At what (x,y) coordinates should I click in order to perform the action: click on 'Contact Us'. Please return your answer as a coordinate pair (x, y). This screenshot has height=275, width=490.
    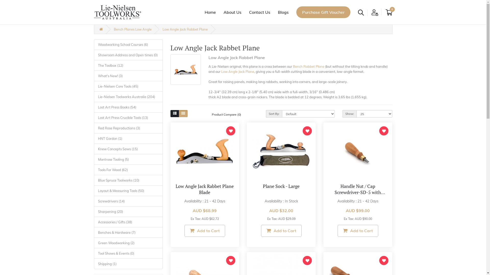
    Looking at the image, I should click on (260, 12).